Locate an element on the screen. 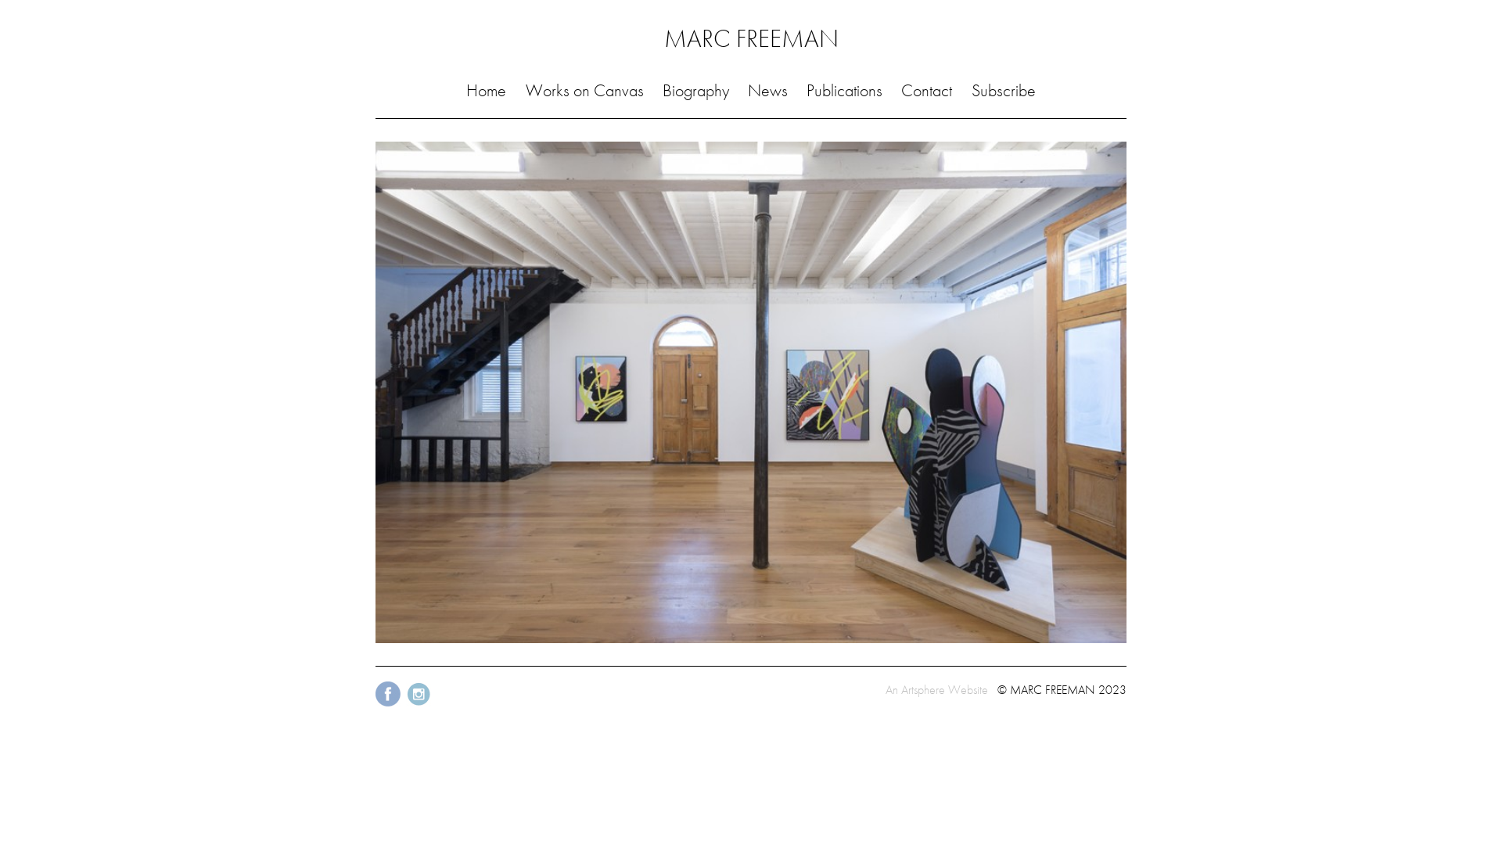 The width and height of the screenshot is (1502, 845). 'Subscribe' is located at coordinates (1003, 90).